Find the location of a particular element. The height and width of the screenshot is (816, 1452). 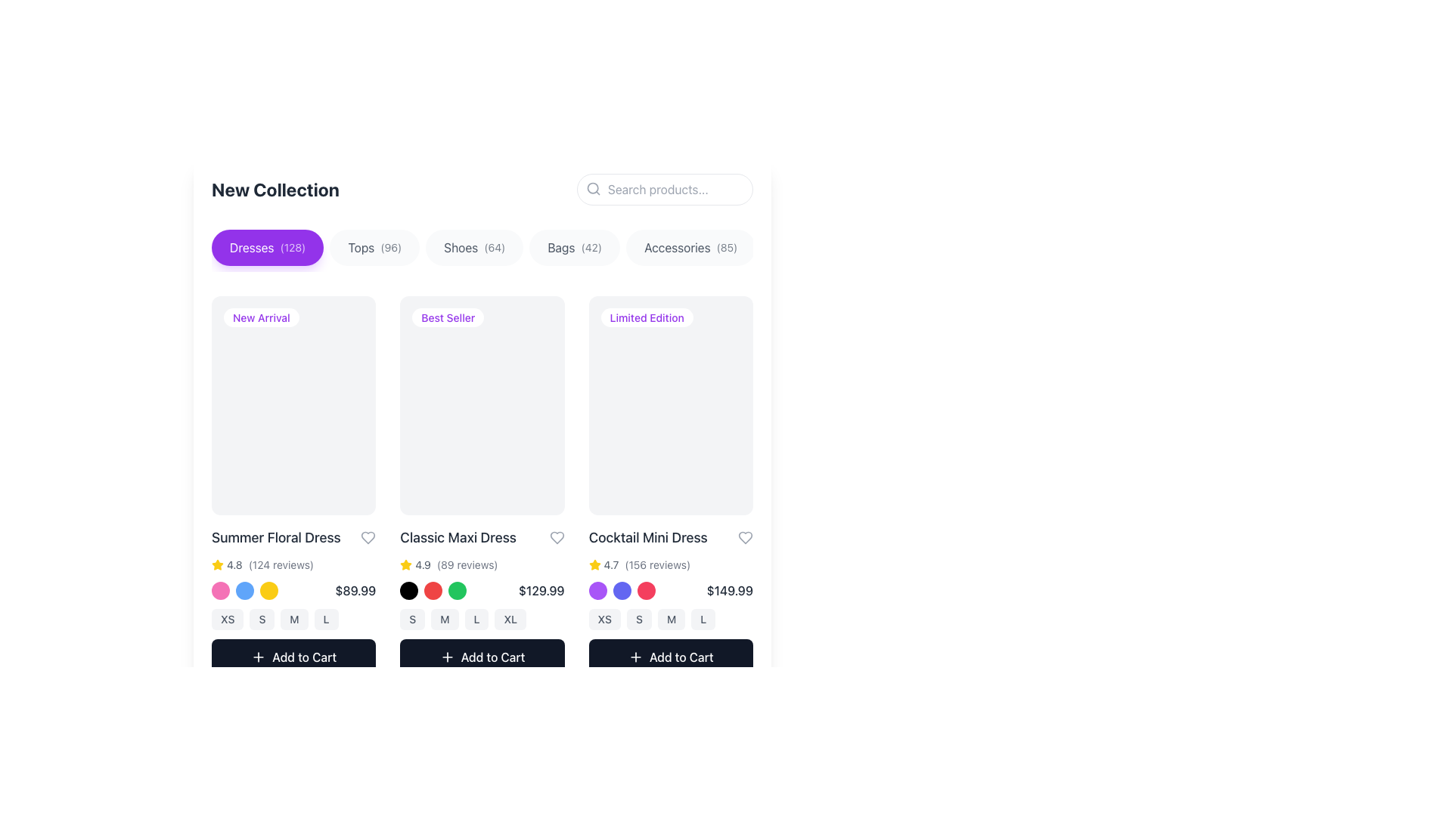

the favorite icon button located on the right side of the 'Summer Floral Dress' section is located at coordinates (368, 536).